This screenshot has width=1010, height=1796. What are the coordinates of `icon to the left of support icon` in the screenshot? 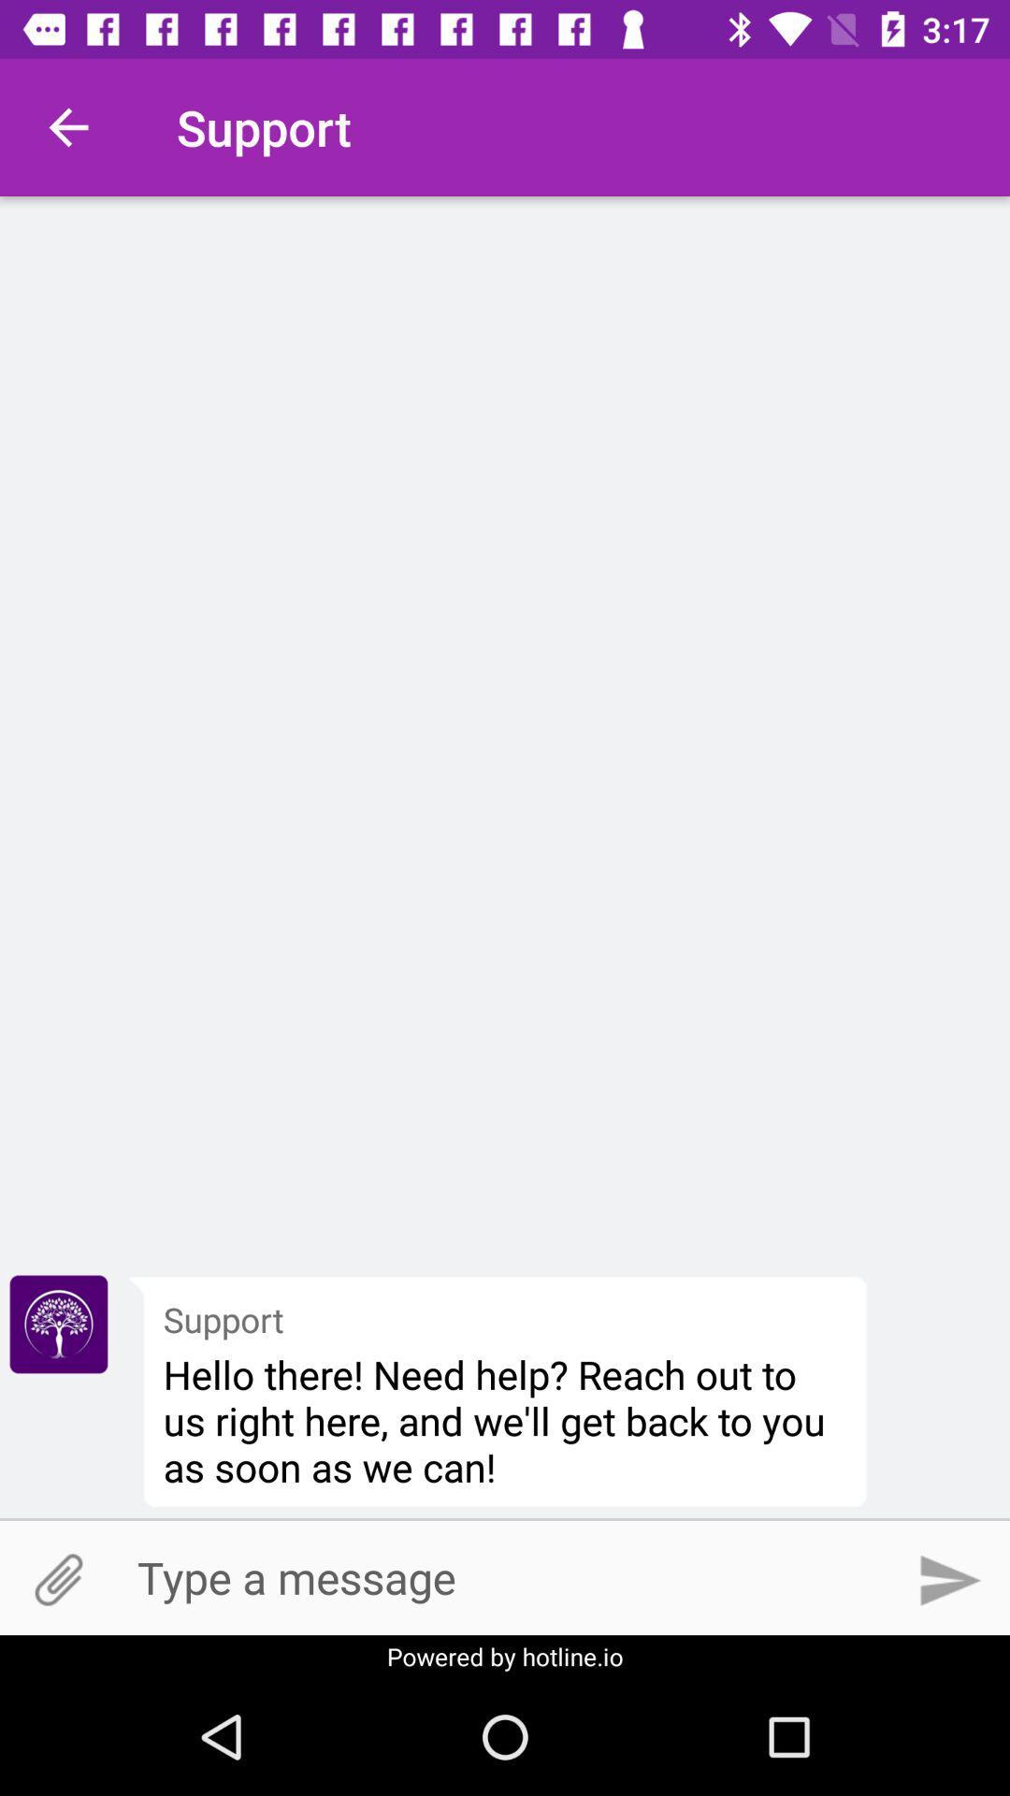 It's located at (67, 126).